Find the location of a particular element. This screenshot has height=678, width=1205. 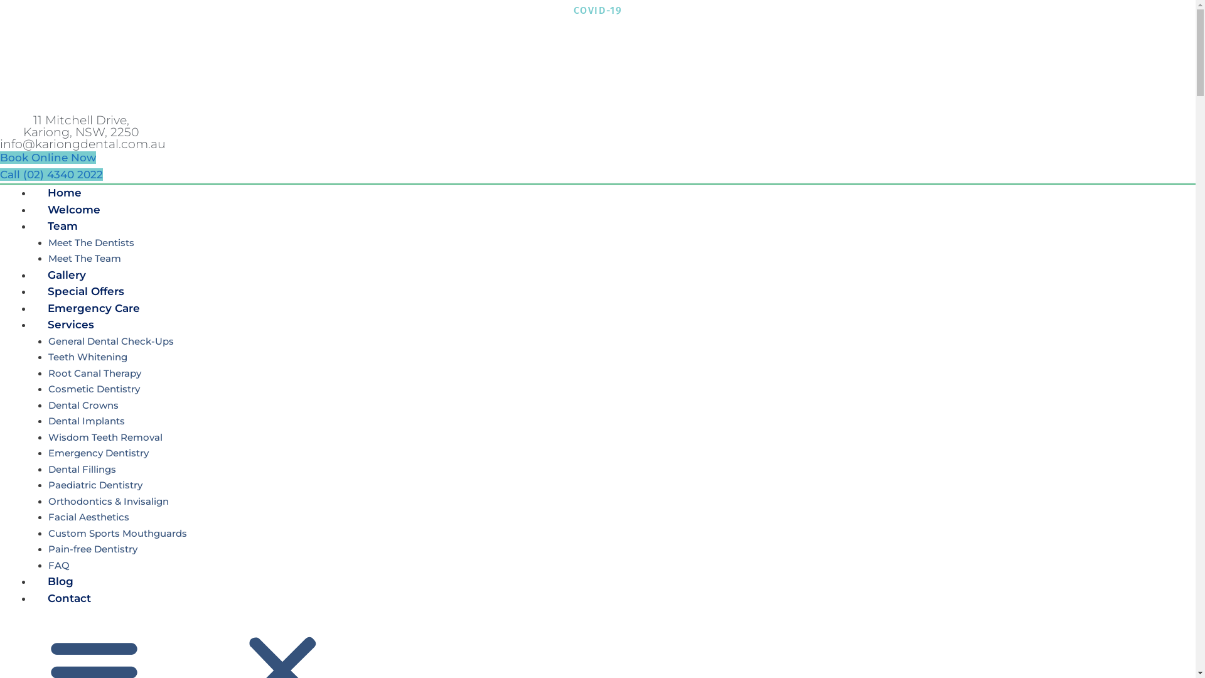

'info@kariongdental.com.au' is located at coordinates (82, 143).